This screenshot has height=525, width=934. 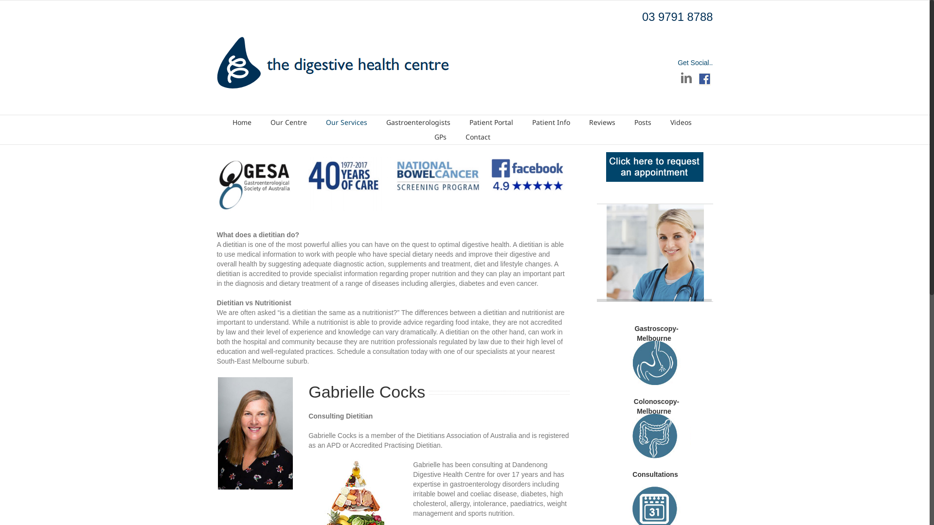 I want to click on 'Home', so click(x=242, y=122).